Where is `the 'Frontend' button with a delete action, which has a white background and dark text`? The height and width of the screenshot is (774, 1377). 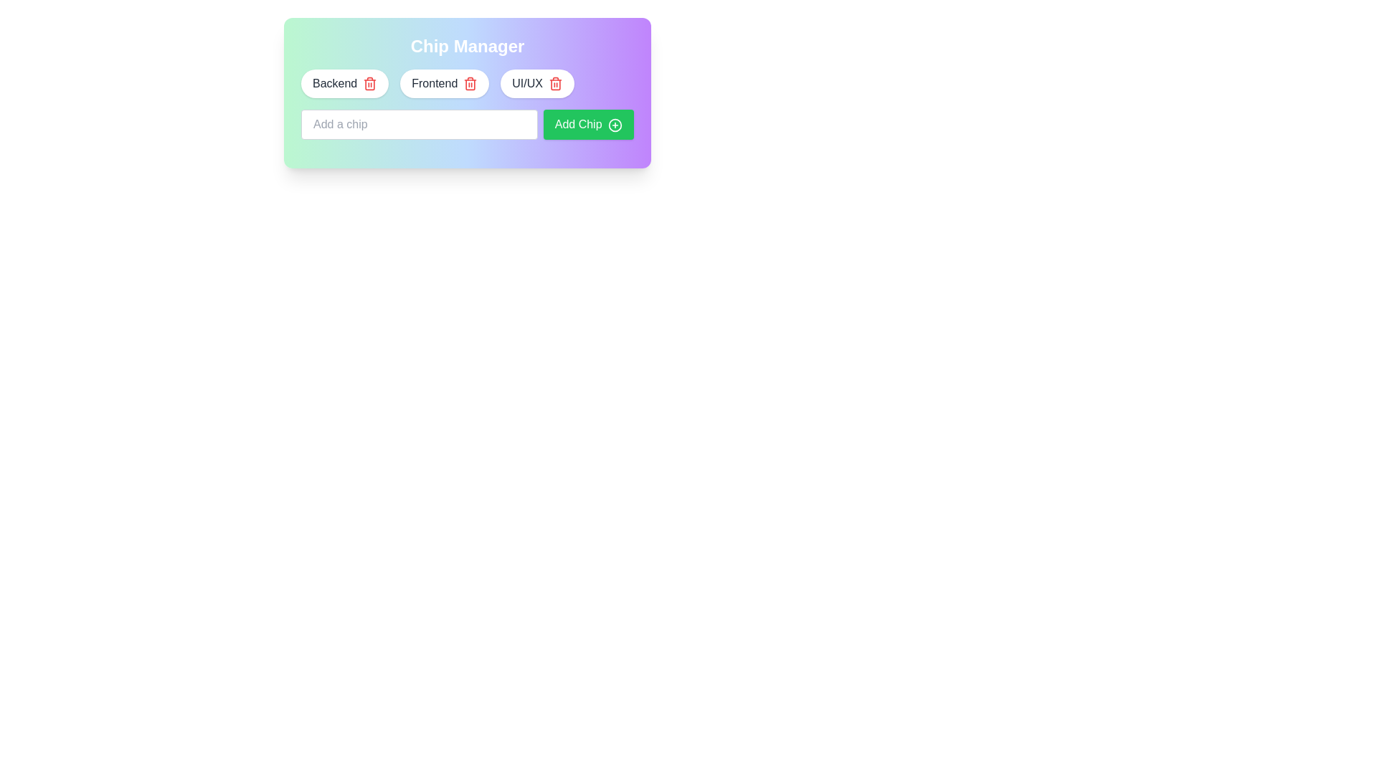 the 'Frontend' button with a delete action, which has a white background and dark text is located at coordinates (468, 93).